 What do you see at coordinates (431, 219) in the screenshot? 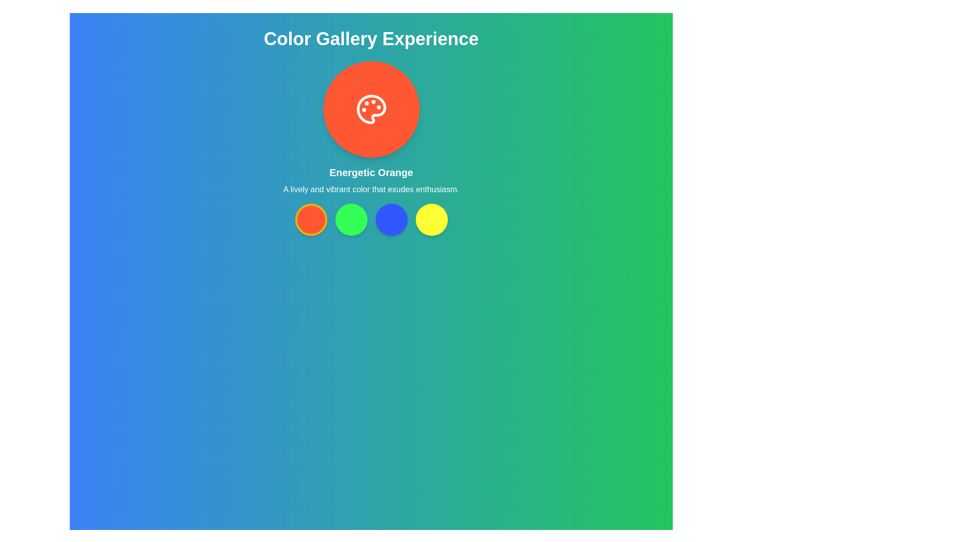
I see `the fourth button in the color gallery that selects the yellow color theme for accessibility navigation` at bounding box center [431, 219].